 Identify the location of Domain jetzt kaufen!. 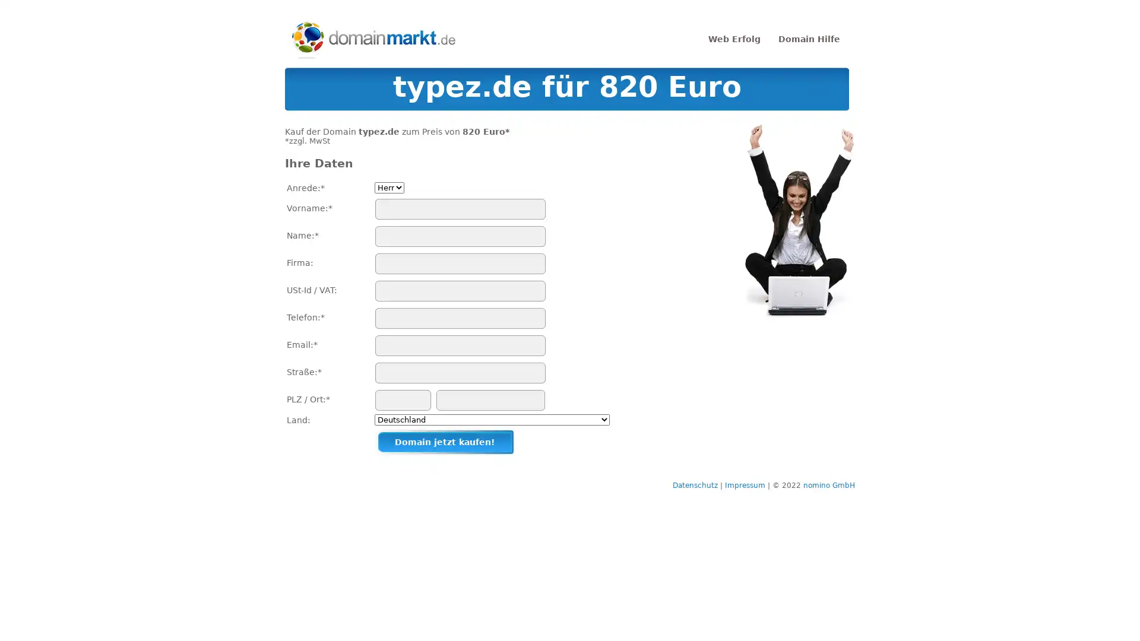
(444, 442).